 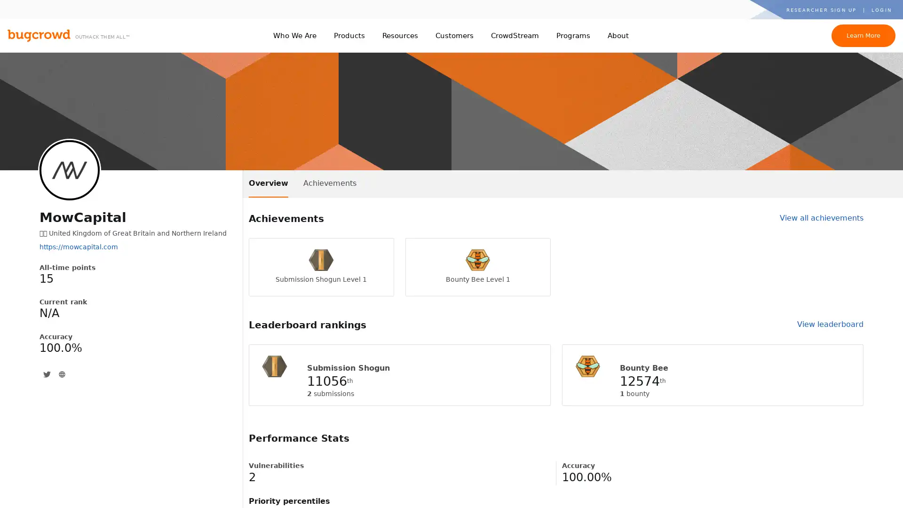 I want to click on Submission Shogun Level 1 Submission Shogun Level 1, so click(x=321, y=267).